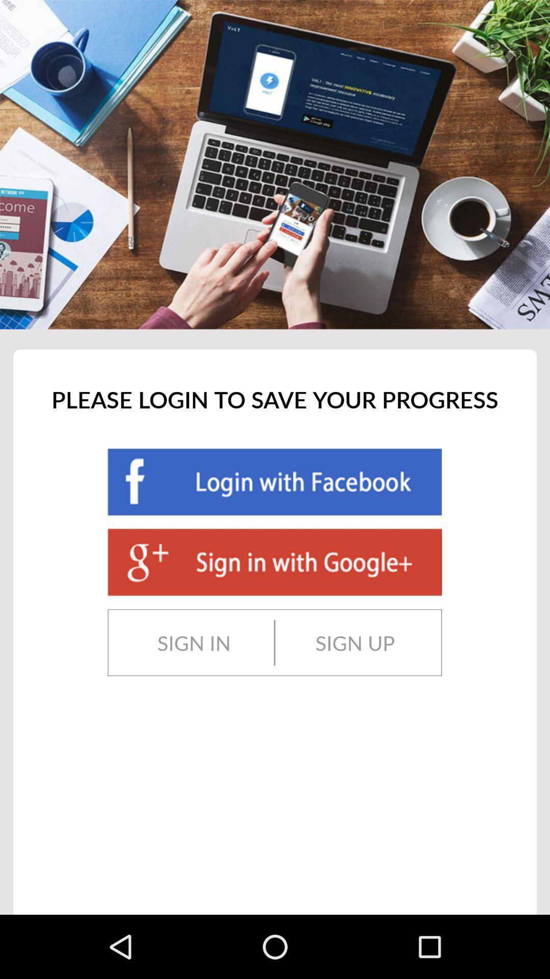 The width and height of the screenshot is (550, 979). Describe the element at coordinates (354, 642) in the screenshot. I see `the sign up icon` at that location.